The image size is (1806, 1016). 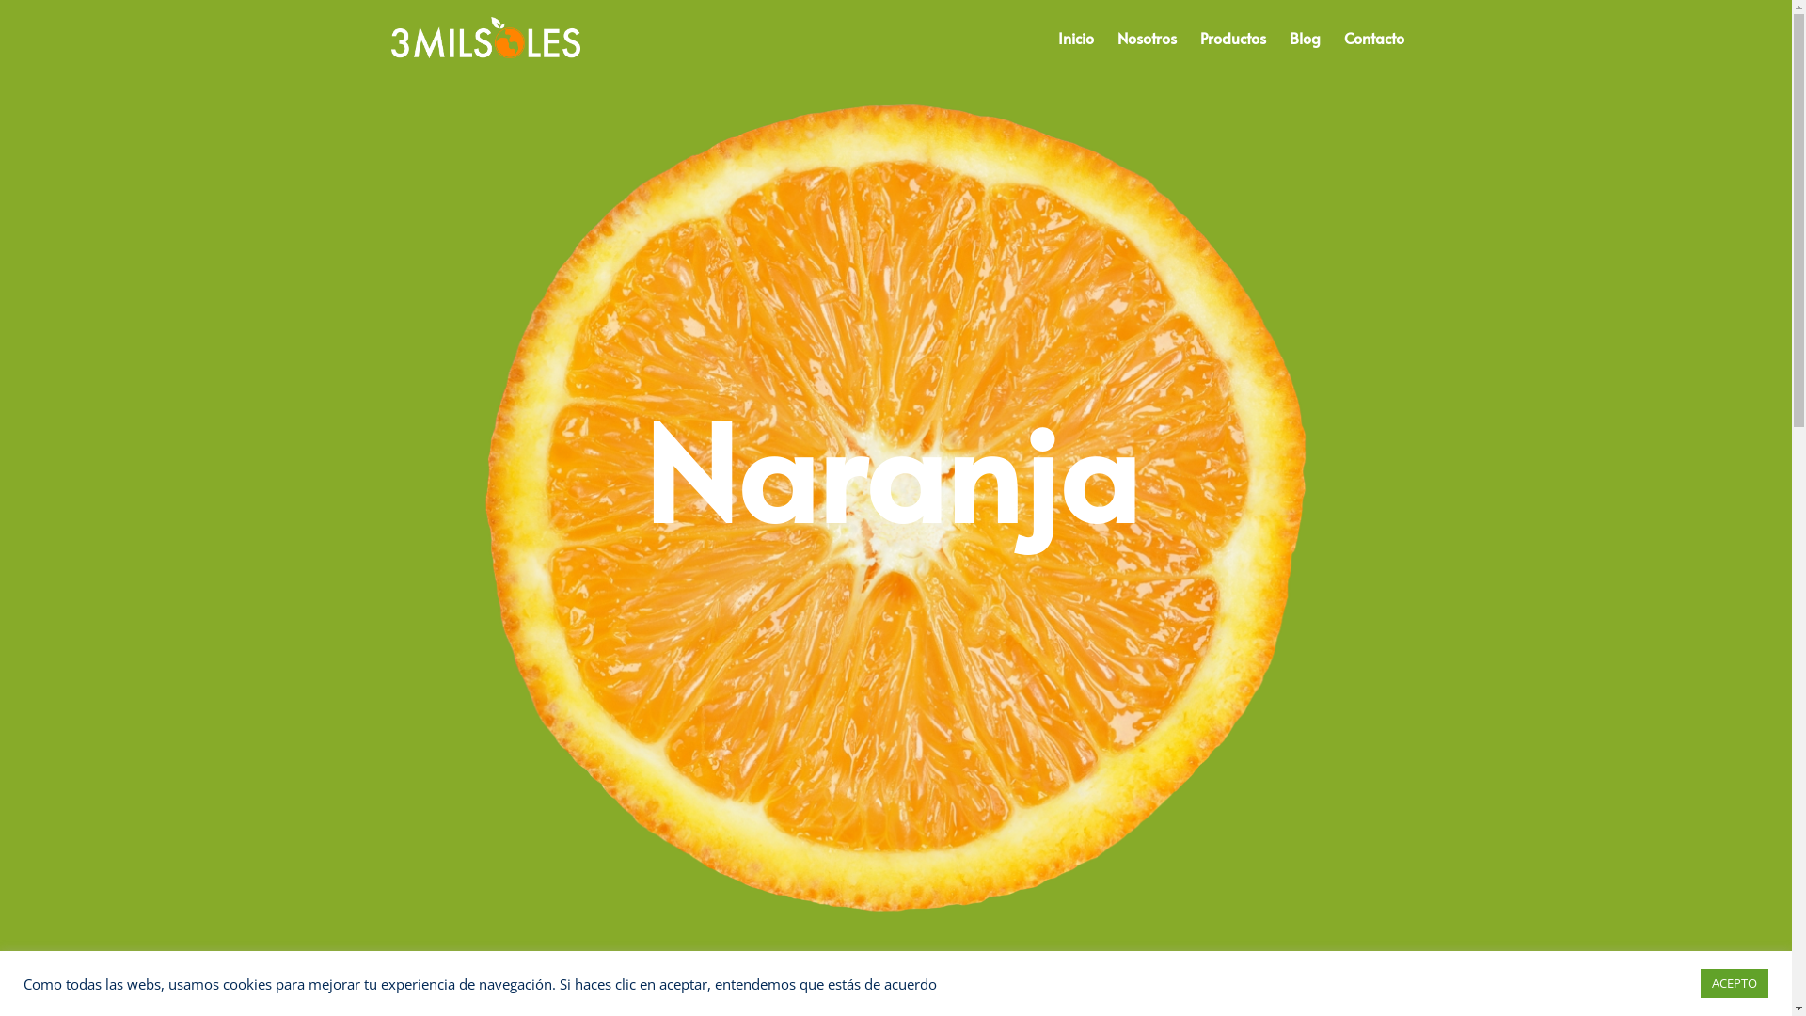 What do you see at coordinates (1146, 52) in the screenshot?
I see `'Nosotros'` at bounding box center [1146, 52].